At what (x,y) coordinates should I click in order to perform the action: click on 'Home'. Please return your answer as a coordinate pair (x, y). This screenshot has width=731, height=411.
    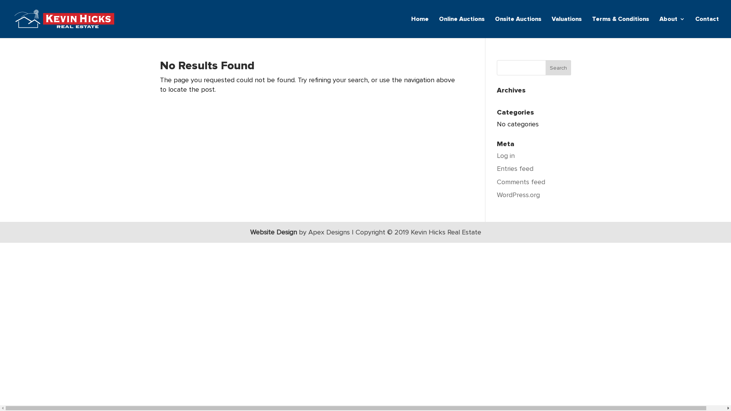
    Looking at the image, I should click on (420, 27).